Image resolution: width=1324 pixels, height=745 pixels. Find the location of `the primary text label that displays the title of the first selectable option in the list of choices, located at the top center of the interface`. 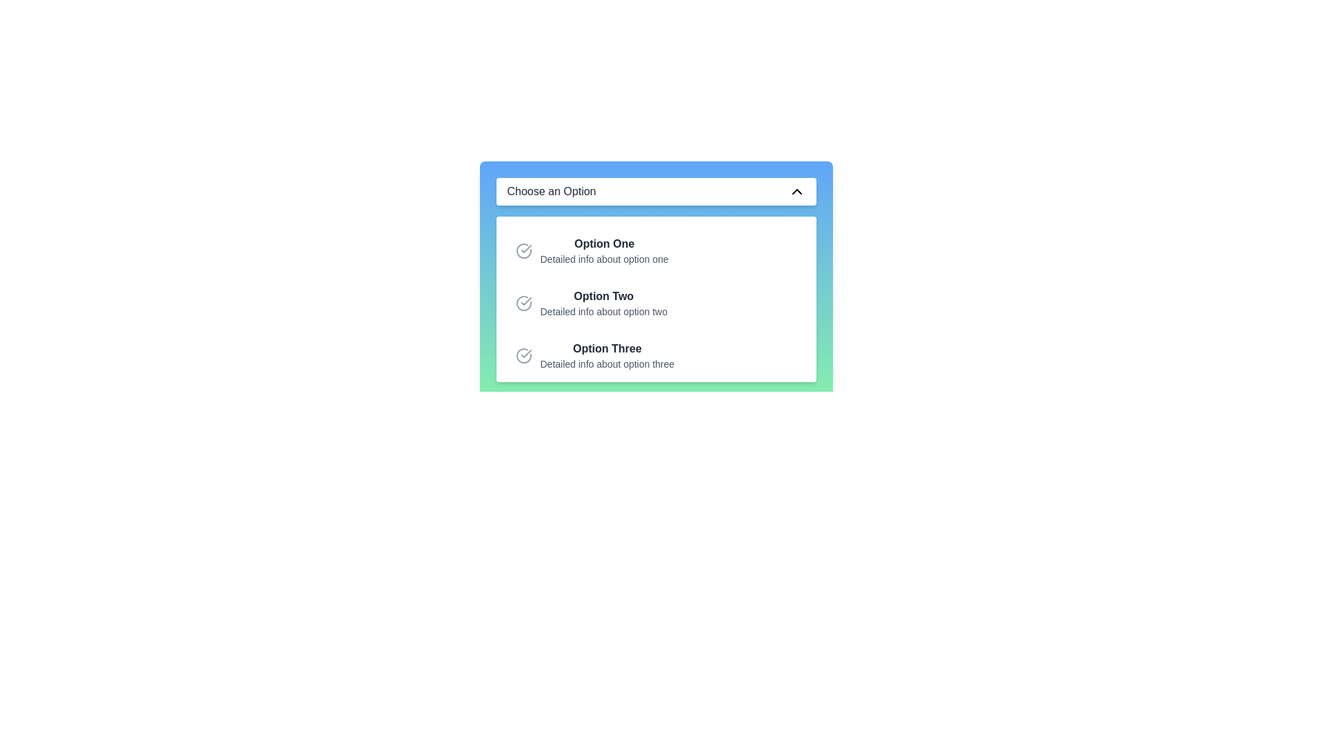

the primary text label that displays the title of the first selectable option in the list of choices, located at the top center of the interface is located at coordinates (604, 244).